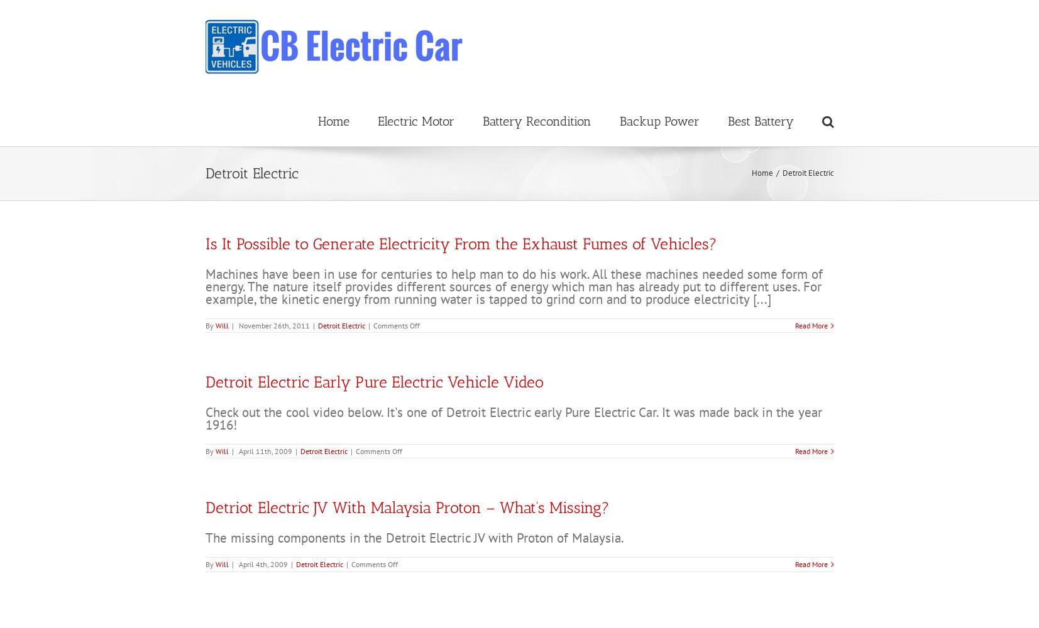 This screenshot has width=1039, height=628. I want to click on 'The missing components in the Detroit Electric JV with Proton of Malaysia.', so click(414, 537).